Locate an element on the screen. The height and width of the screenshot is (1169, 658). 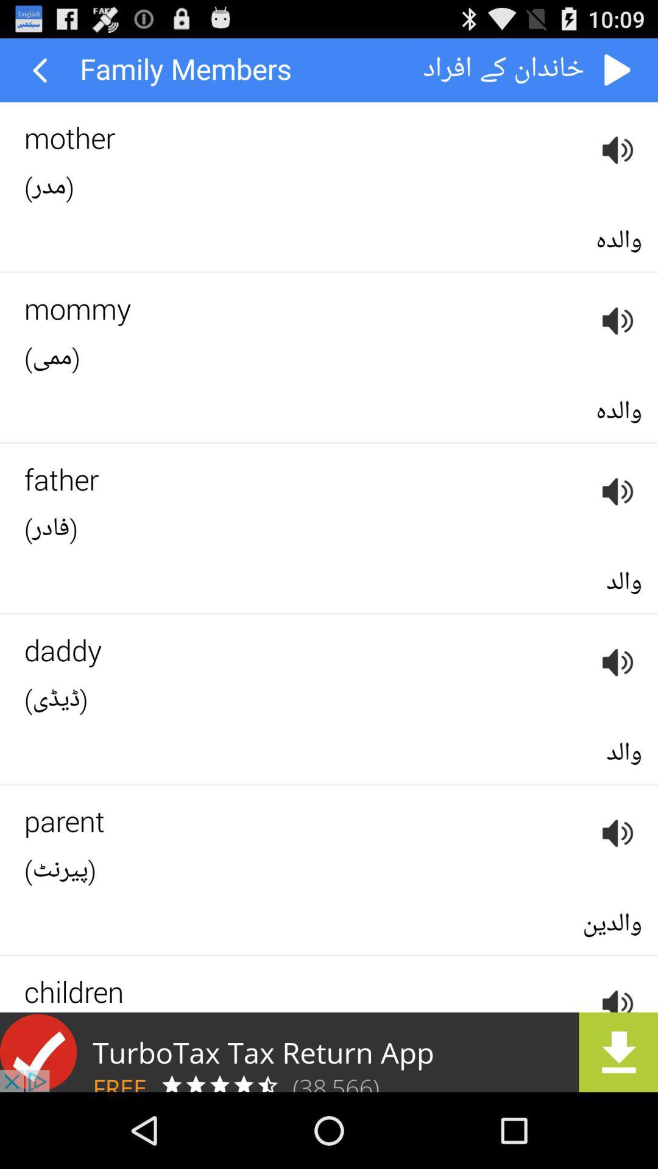
the play icon is located at coordinates (618, 74).